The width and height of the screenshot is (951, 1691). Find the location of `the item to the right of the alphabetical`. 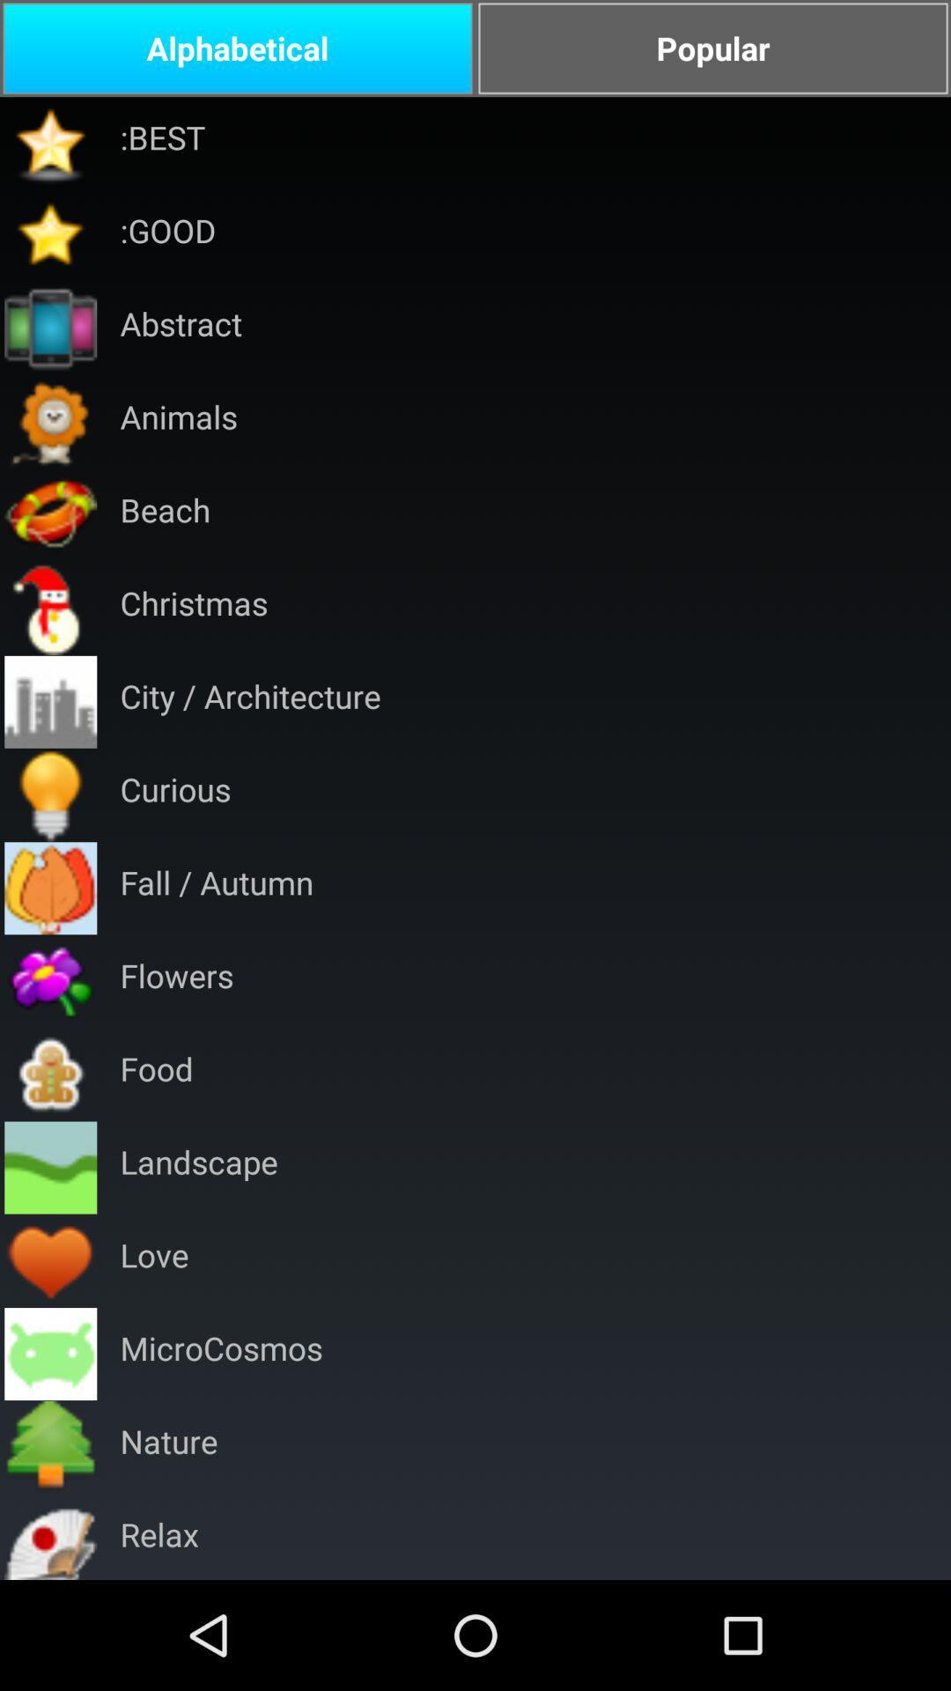

the item to the right of the alphabetical is located at coordinates (713, 48).